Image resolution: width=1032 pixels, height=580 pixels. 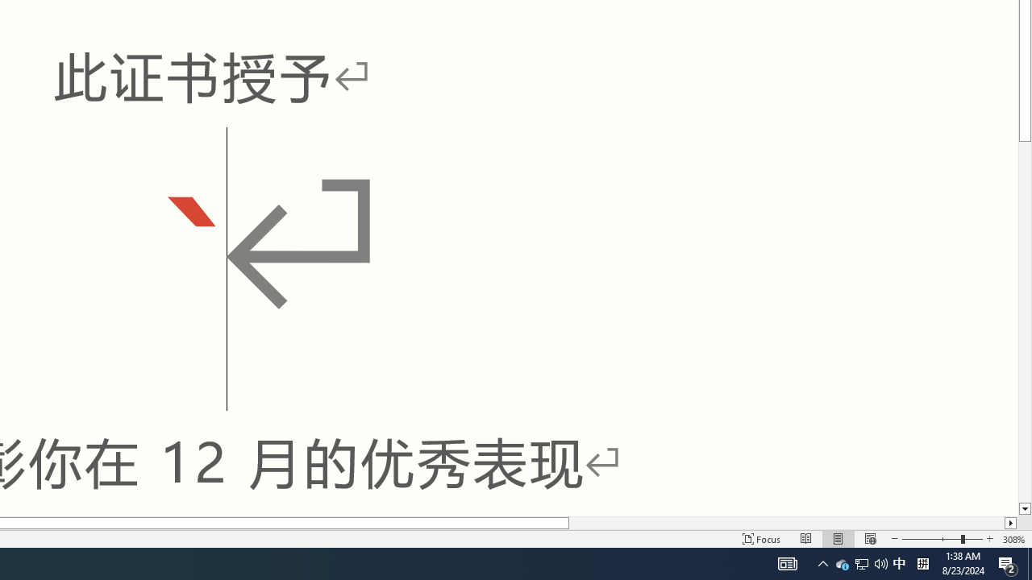 What do you see at coordinates (838, 539) in the screenshot?
I see `'Print Layout'` at bounding box center [838, 539].